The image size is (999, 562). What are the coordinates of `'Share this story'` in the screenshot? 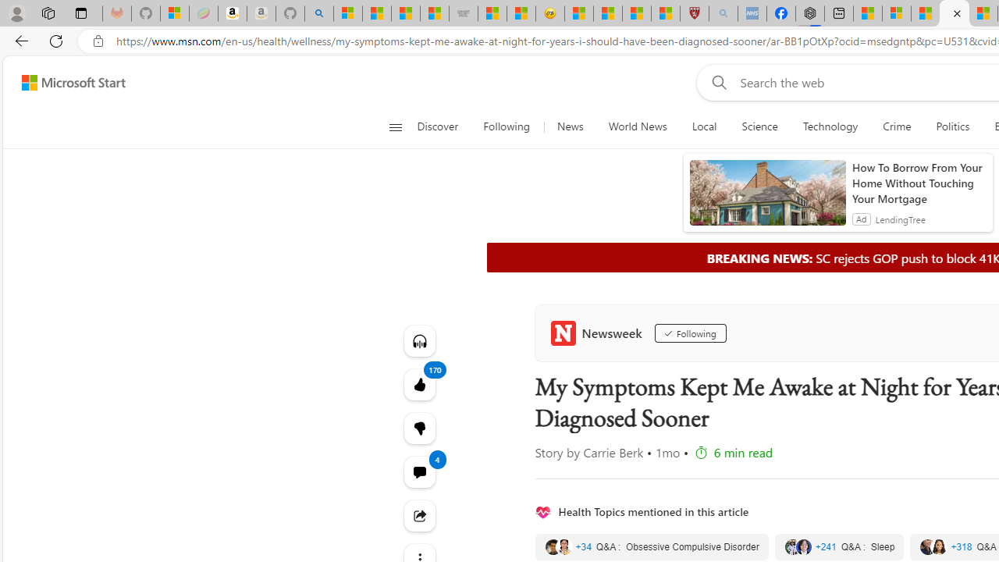 It's located at (419, 515).